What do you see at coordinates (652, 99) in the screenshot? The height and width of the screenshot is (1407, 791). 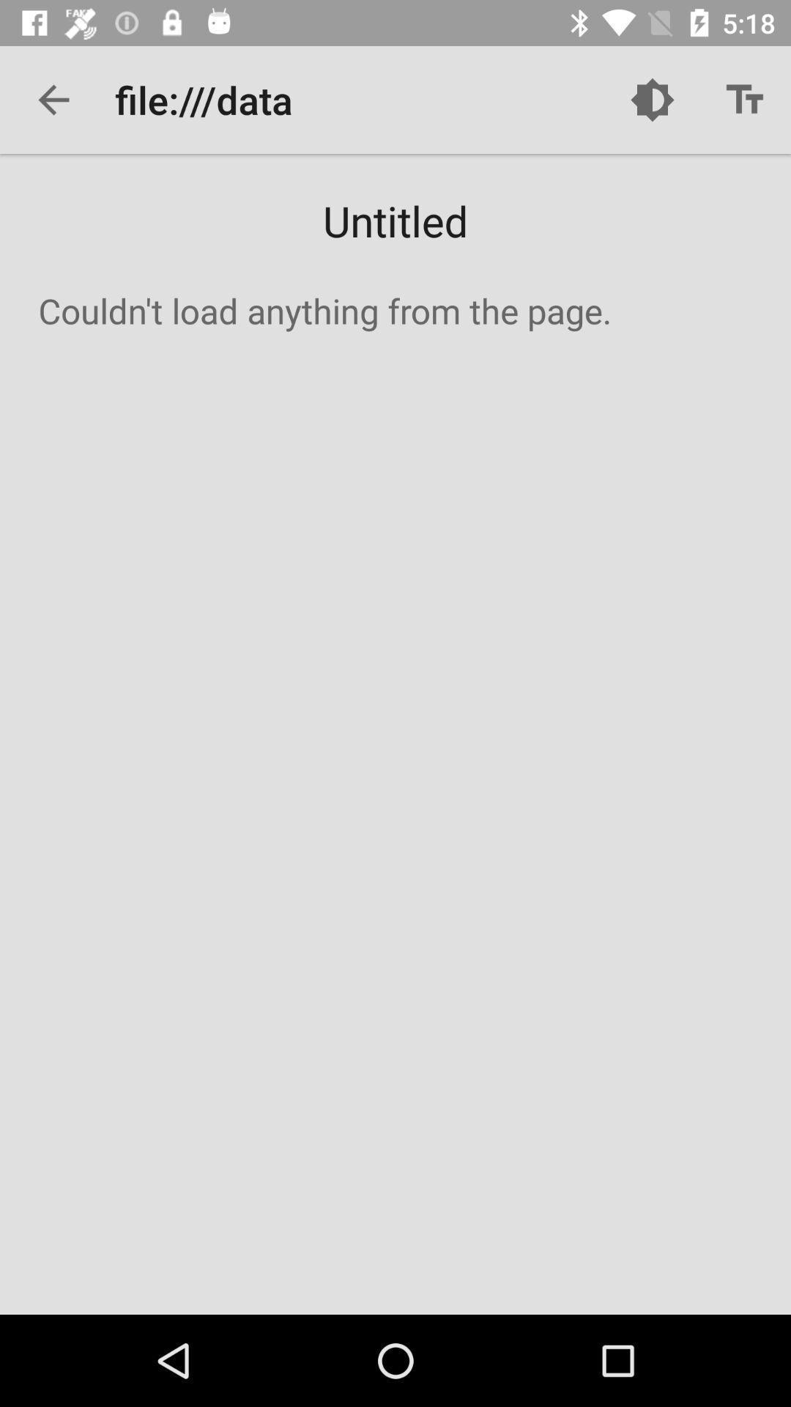 I see `icon next to the file:///data icon` at bounding box center [652, 99].